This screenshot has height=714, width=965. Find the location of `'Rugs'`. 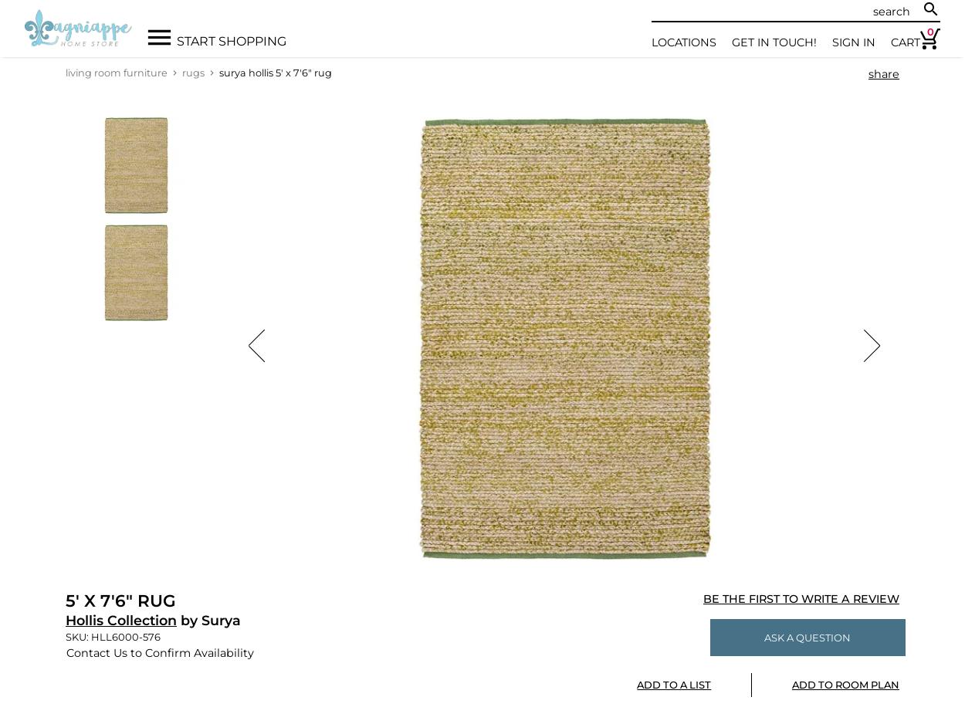

'Rugs' is located at coordinates (193, 71).